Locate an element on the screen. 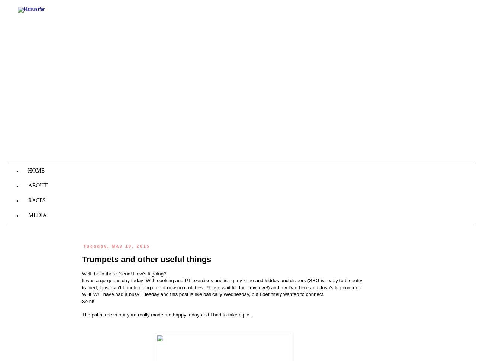 The image size is (477, 361). 'Trumpets and other useful things' is located at coordinates (146, 259).